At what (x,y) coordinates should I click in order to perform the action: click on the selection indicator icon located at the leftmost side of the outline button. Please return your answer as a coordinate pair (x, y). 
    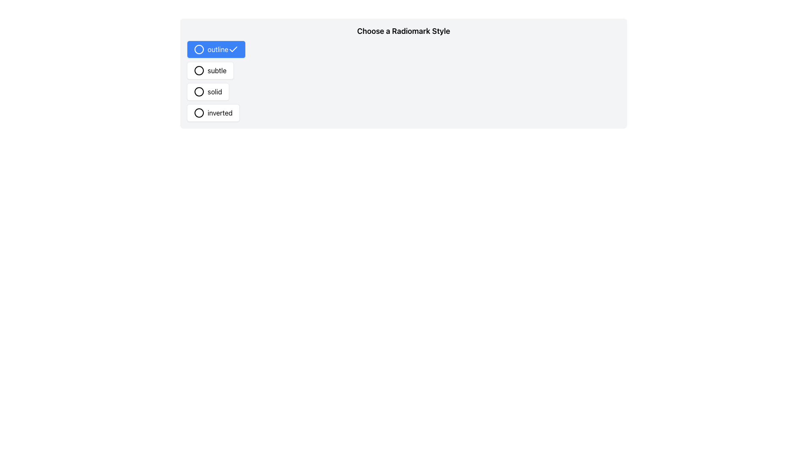
    Looking at the image, I should click on (198, 49).